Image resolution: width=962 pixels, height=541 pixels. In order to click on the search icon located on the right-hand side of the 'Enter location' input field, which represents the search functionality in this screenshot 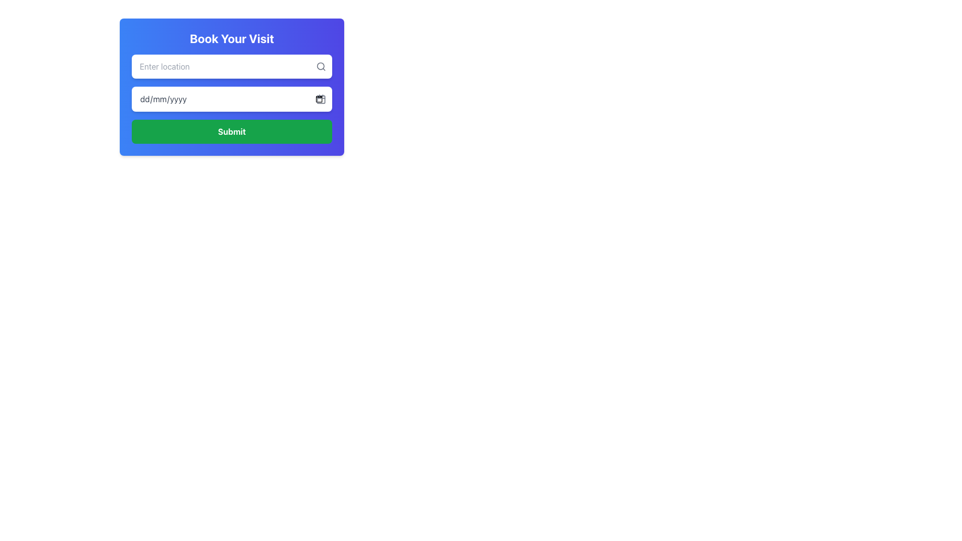, I will do `click(321, 66)`.